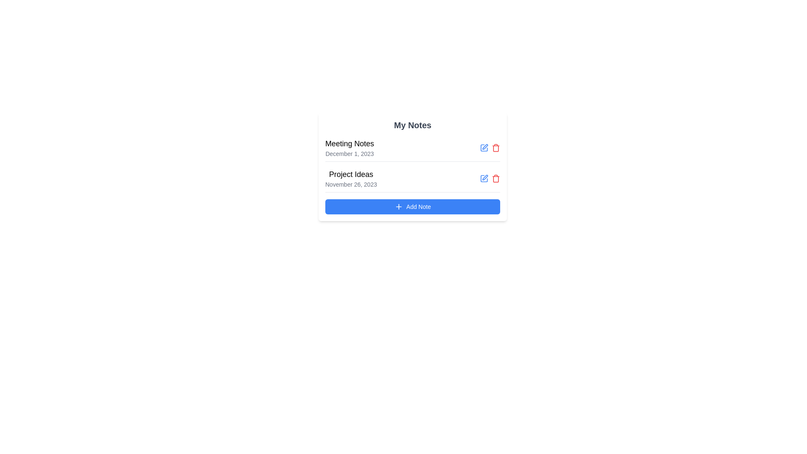 The width and height of the screenshot is (807, 454). I want to click on the text heading element labeled 'Project Ideas', which is prominently displayed in bold font and is positioned above the date 'November 26, 2023' within the 'My Notes' card, so click(351, 174).